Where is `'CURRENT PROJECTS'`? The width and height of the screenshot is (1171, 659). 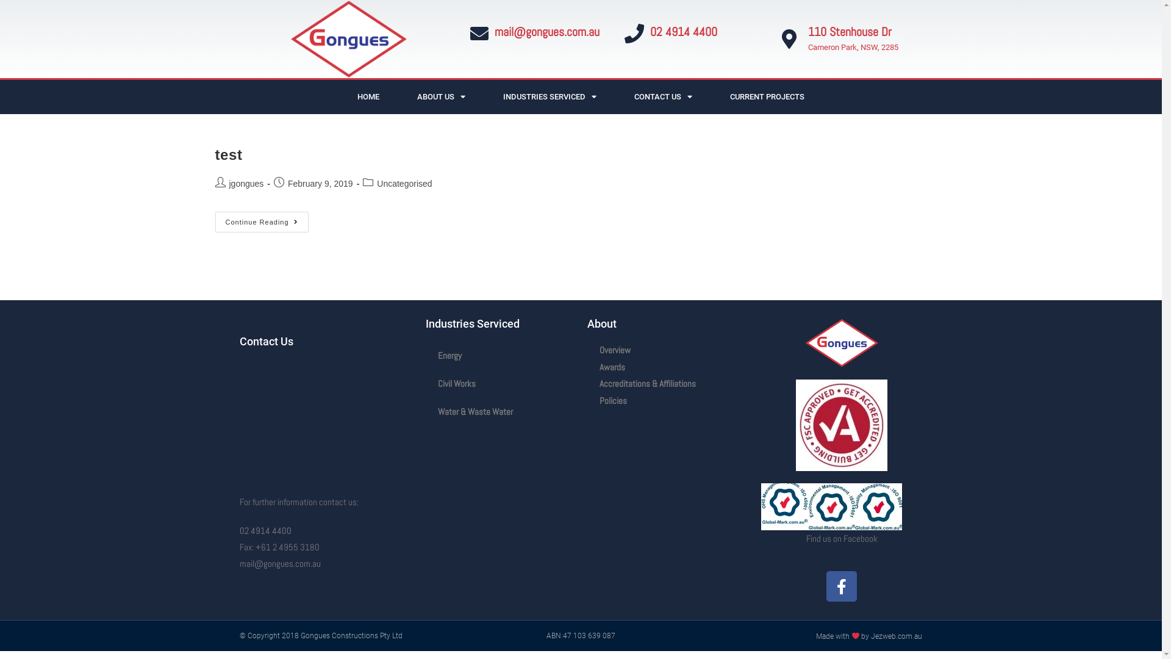
'CURRENT PROJECTS' is located at coordinates (766, 96).